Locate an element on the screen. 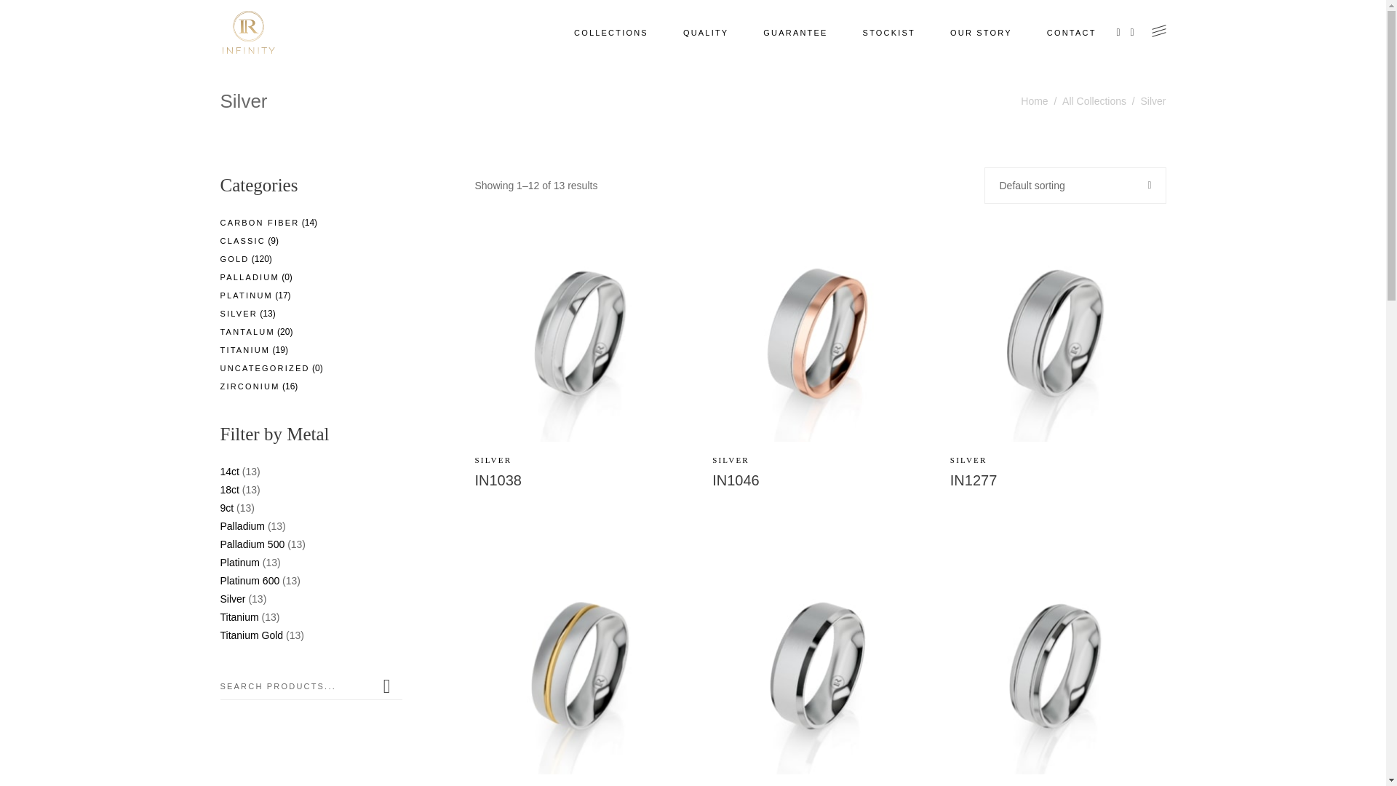 This screenshot has height=786, width=1397. 'QUALITY' is located at coordinates (705, 33).